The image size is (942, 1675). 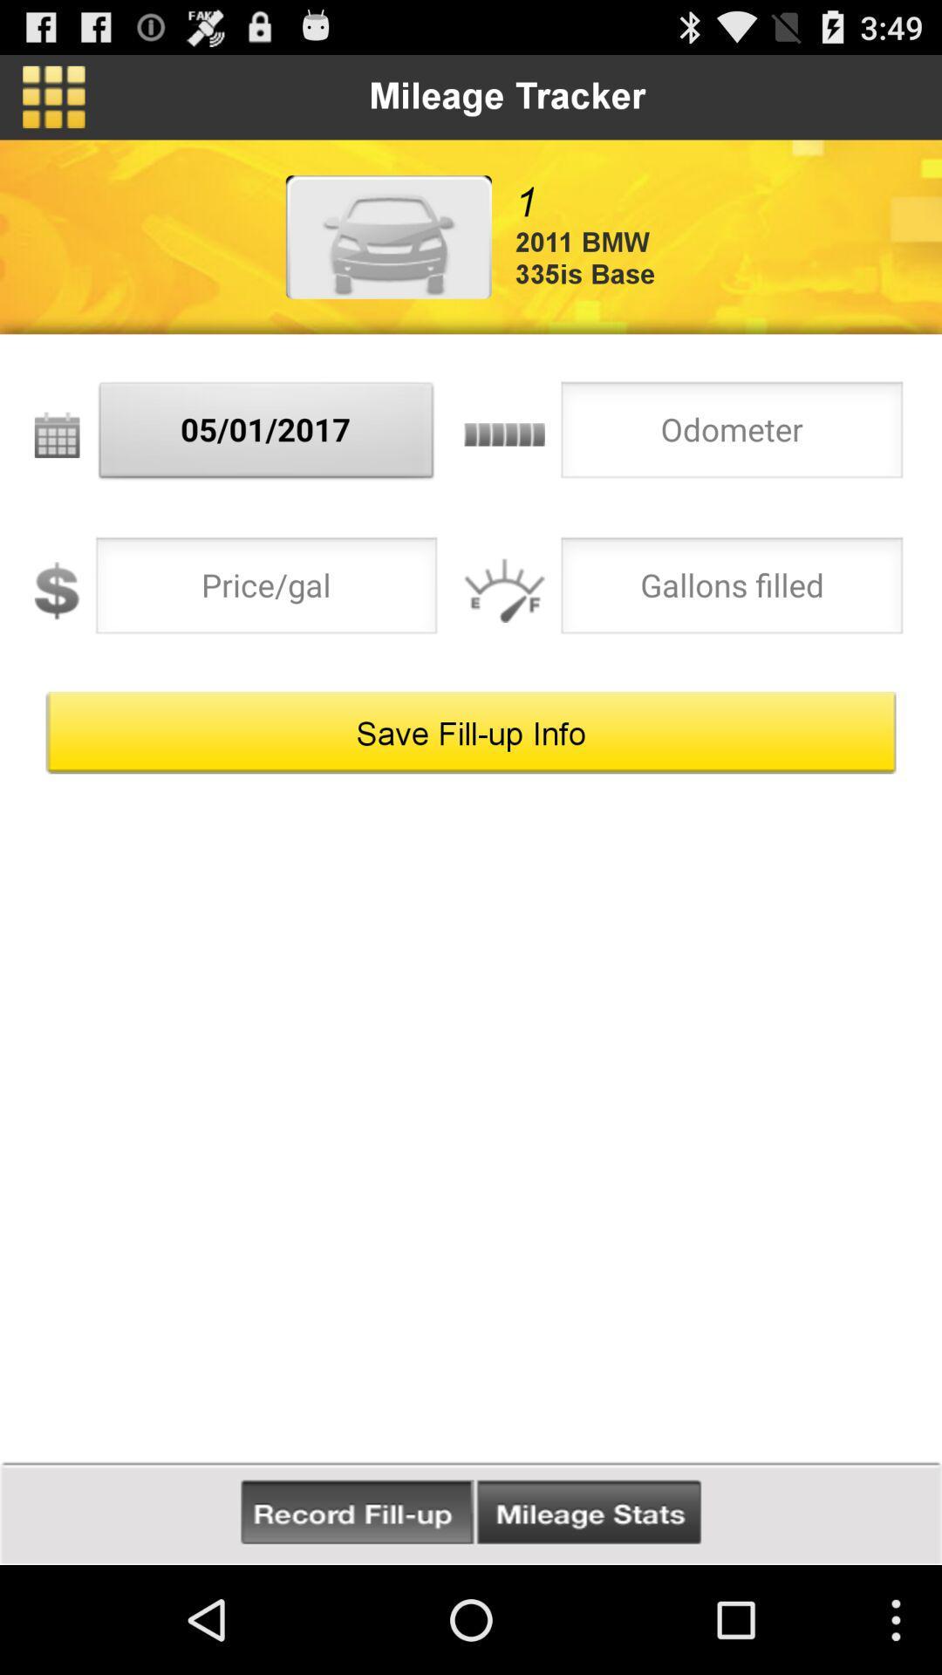 I want to click on icon next to 1  item, so click(x=387, y=236).